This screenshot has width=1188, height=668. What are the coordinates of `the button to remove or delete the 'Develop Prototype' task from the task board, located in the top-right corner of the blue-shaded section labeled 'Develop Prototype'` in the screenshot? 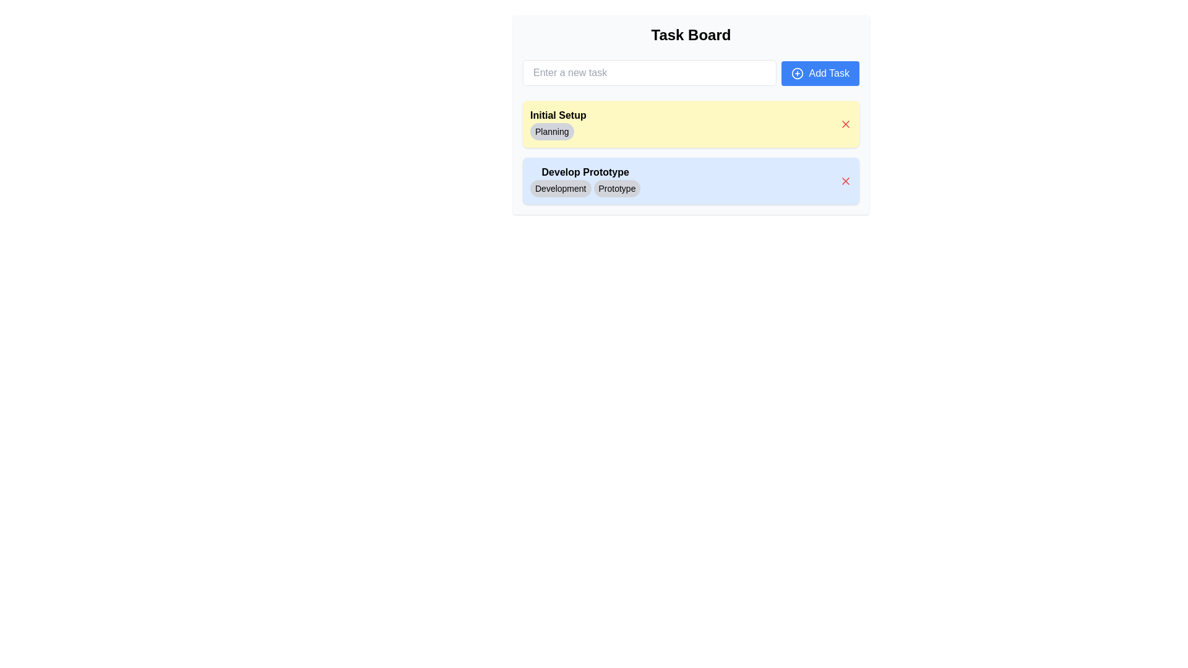 It's located at (845, 181).